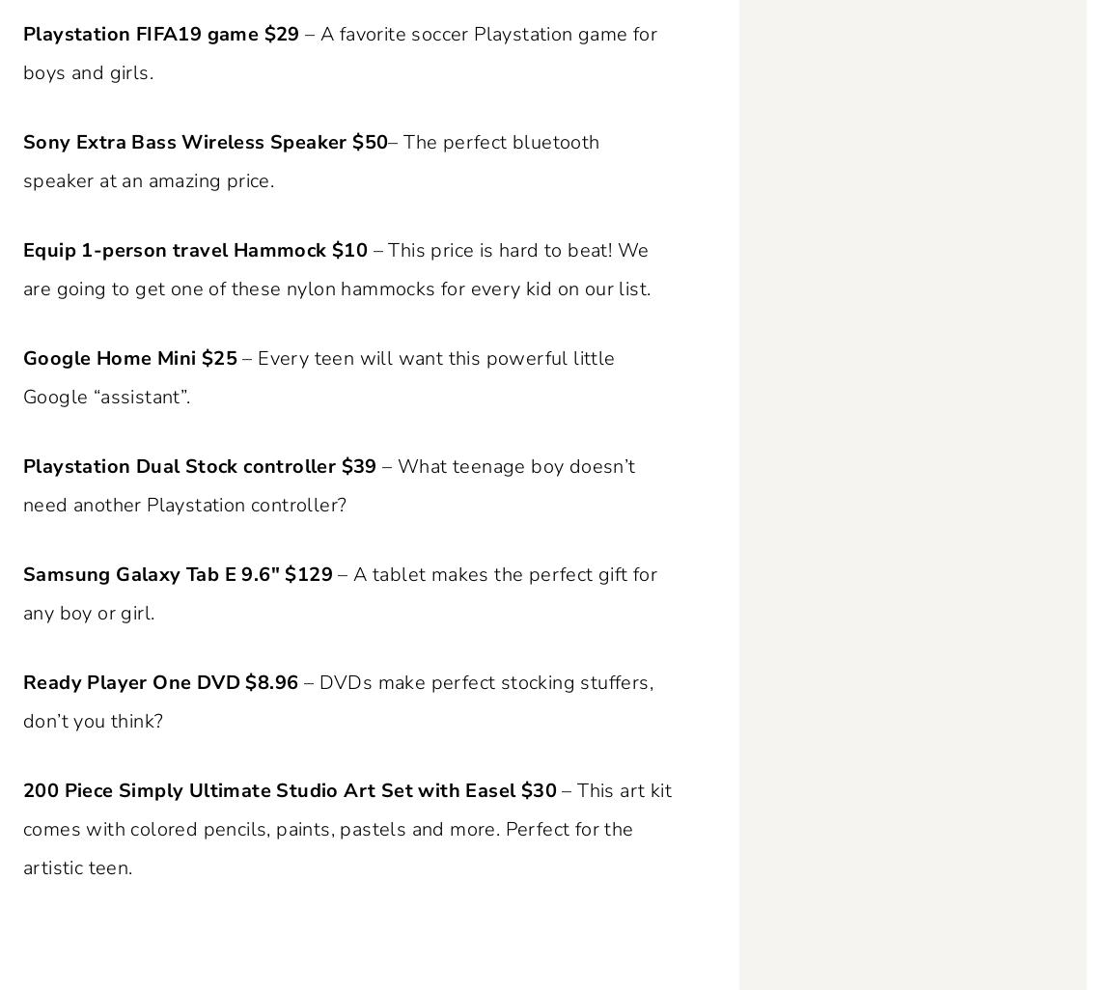 This screenshot has width=1110, height=990. I want to click on '– What teenage boy doesn’t need another Playstation controller?', so click(328, 484).